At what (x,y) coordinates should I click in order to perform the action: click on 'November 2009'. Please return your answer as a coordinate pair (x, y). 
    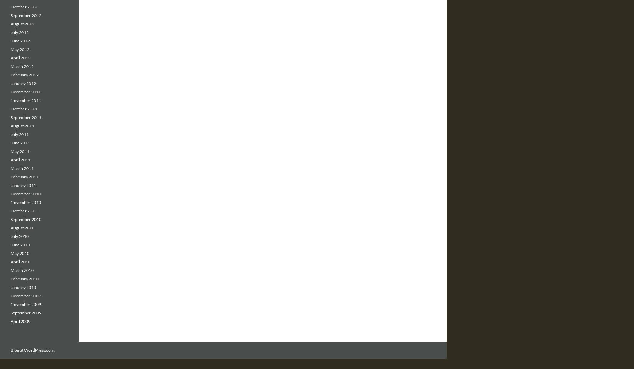
    Looking at the image, I should click on (11, 304).